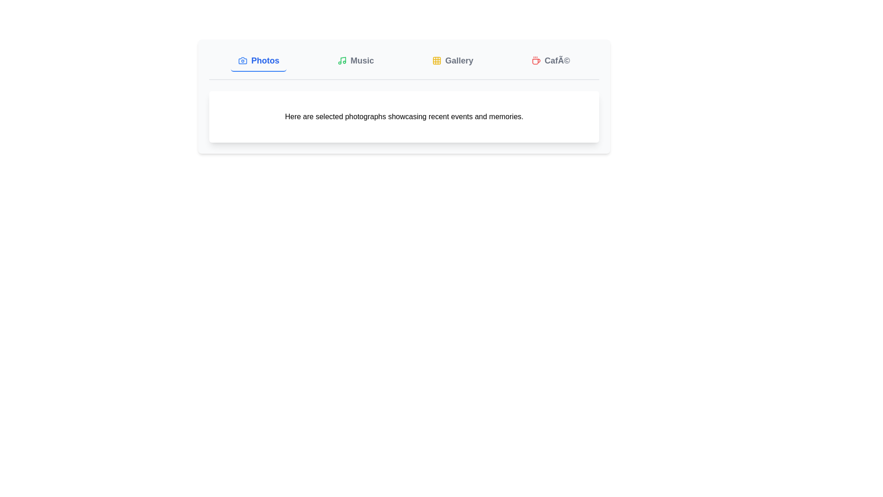 The width and height of the screenshot is (883, 497). Describe the element at coordinates (550, 61) in the screenshot. I see `the navigation tab labeled 'Café'` at that location.